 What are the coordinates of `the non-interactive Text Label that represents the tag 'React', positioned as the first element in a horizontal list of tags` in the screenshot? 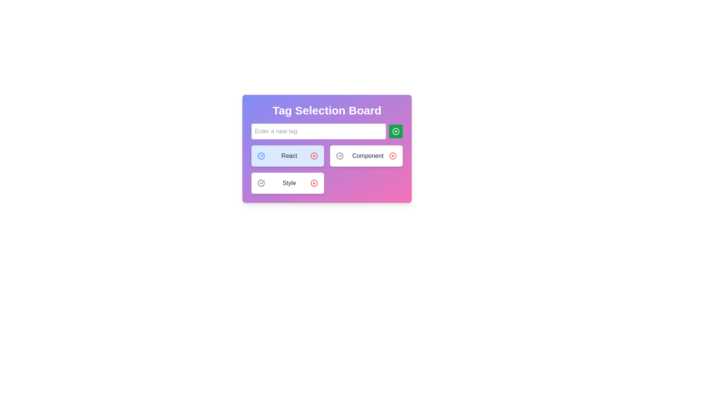 It's located at (289, 155).